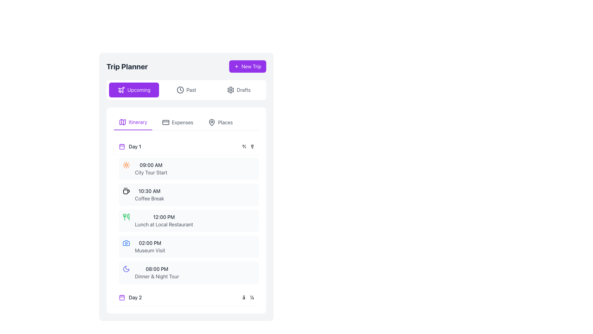  Describe the element at coordinates (220, 122) in the screenshot. I see `the 'Places' button, which is the third clickable tab under 'Trip Planner'` at that location.